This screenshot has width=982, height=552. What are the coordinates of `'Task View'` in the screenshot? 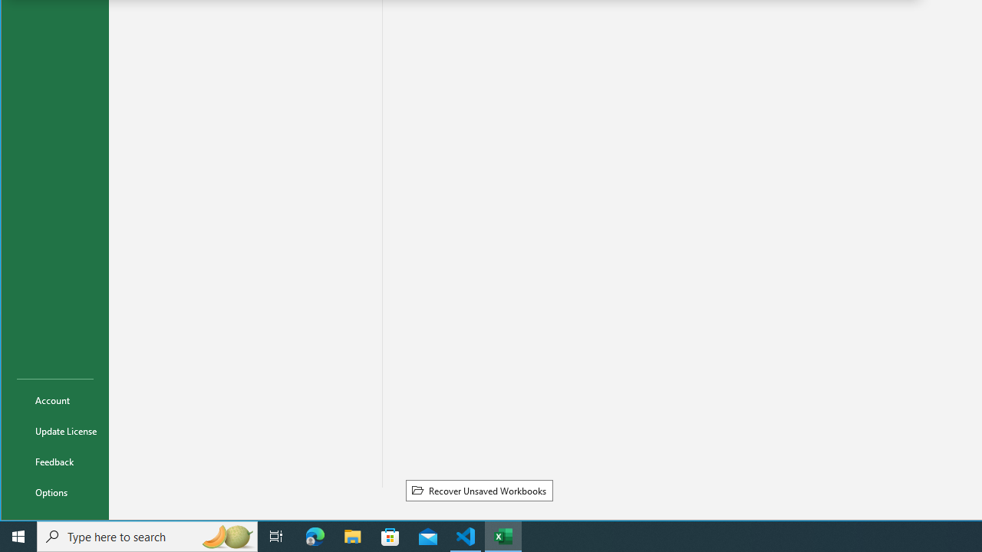 It's located at (275, 535).